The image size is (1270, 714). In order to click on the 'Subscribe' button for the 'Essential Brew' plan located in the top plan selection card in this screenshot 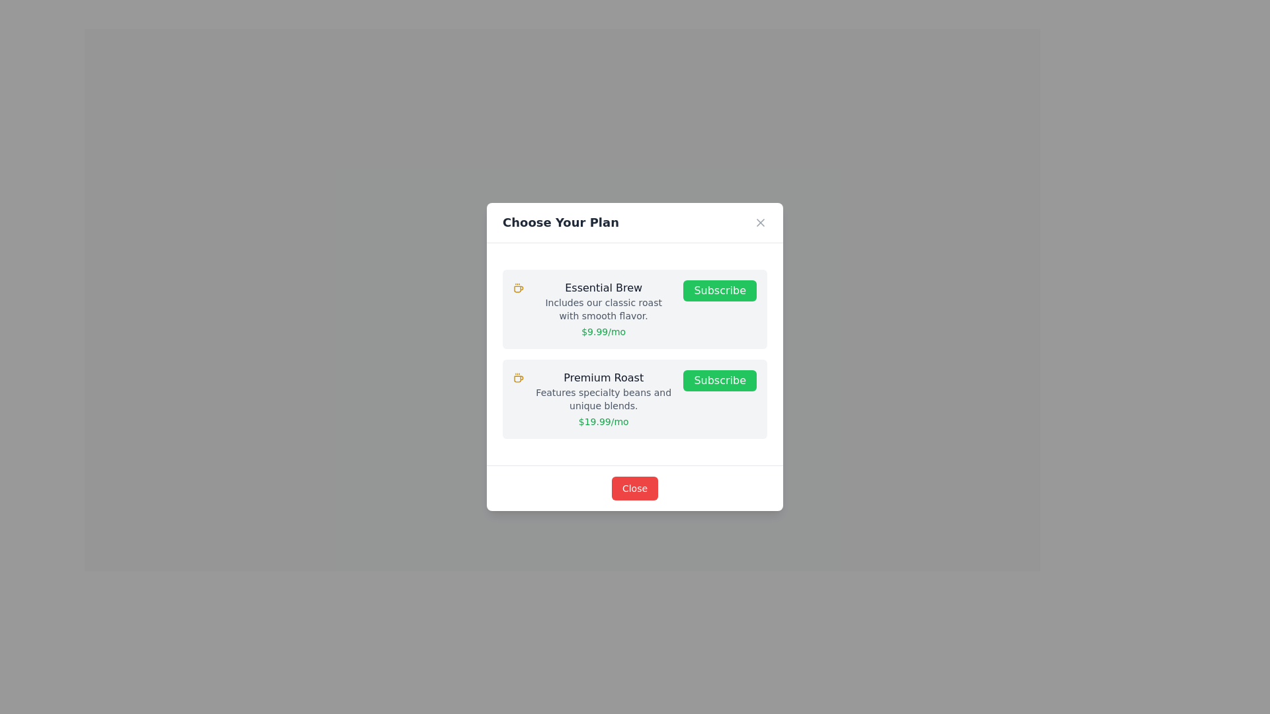, I will do `click(719, 290)`.